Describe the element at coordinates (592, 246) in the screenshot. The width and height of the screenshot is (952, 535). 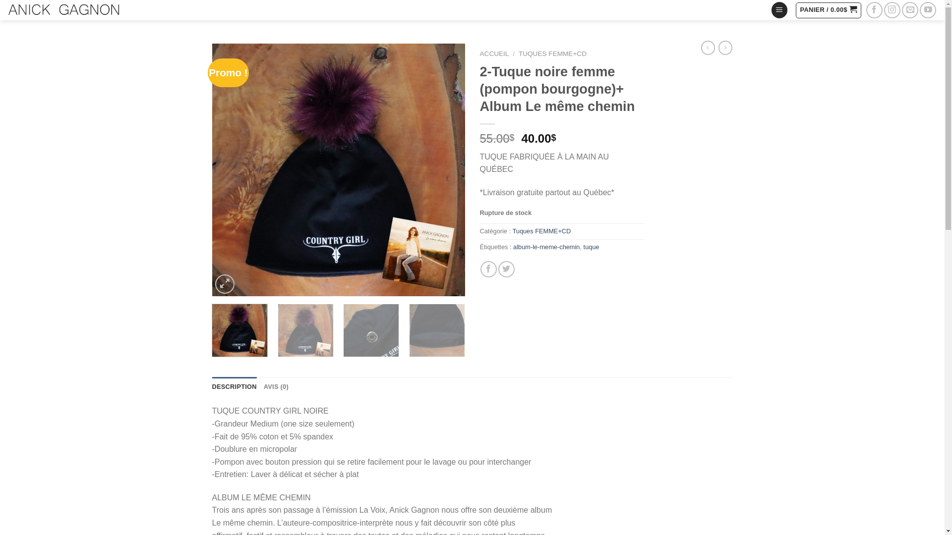
I see `'tuque'` at that location.